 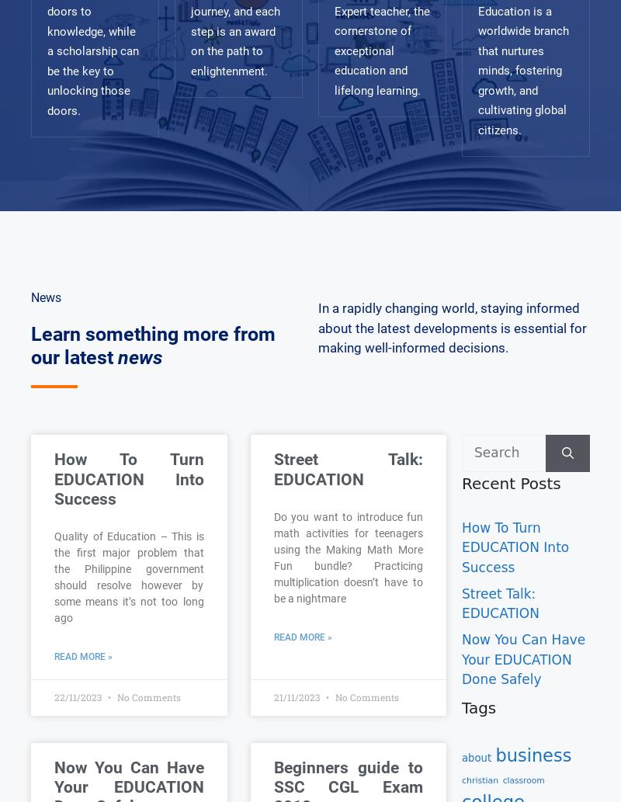 What do you see at coordinates (478, 707) in the screenshot?
I see `'Tags'` at bounding box center [478, 707].